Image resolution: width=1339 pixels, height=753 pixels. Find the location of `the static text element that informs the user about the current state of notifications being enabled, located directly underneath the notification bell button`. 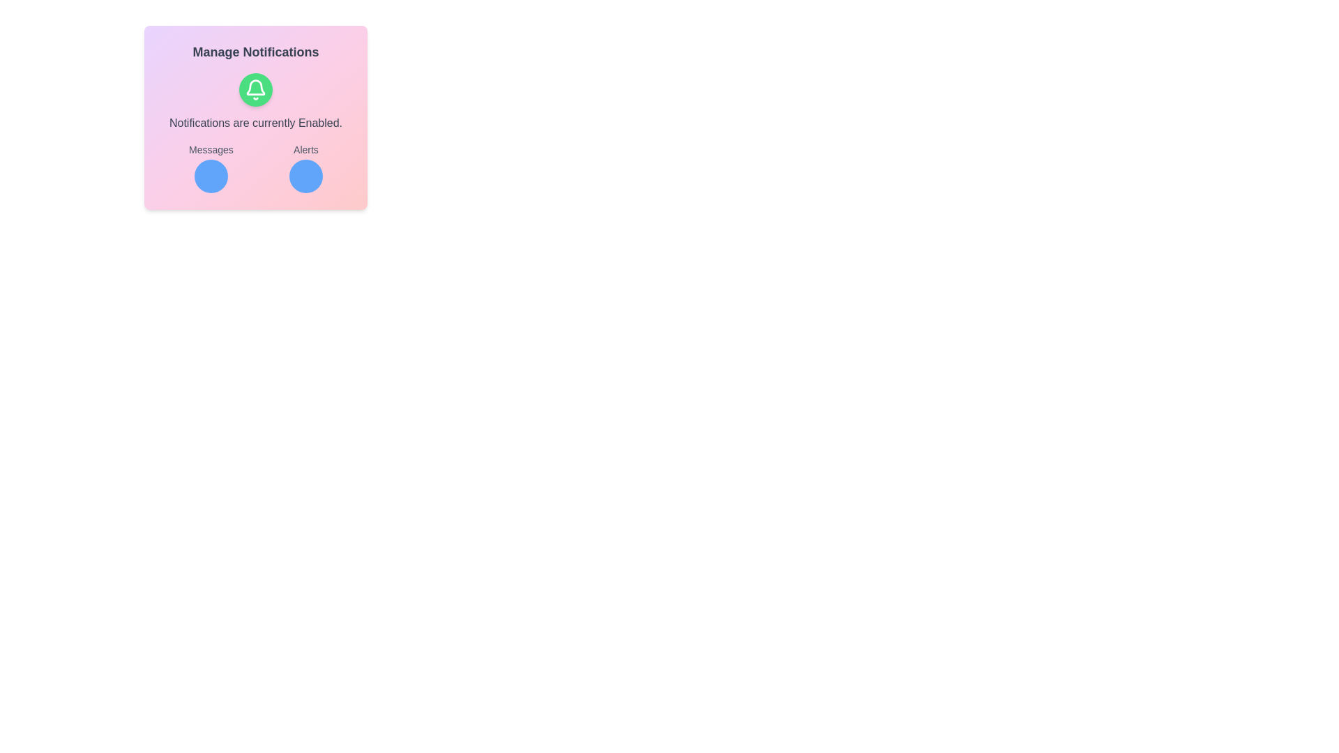

the static text element that informs the user about the current state of notifications being enabled, located directly underneath the notification bell button is located at coordinates (255, 123).